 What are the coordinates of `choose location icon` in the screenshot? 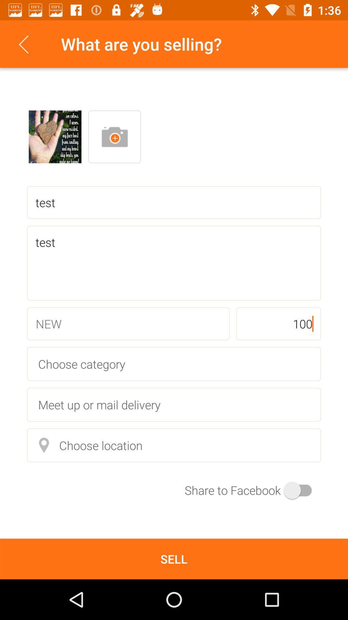 It's located at (174, 445).